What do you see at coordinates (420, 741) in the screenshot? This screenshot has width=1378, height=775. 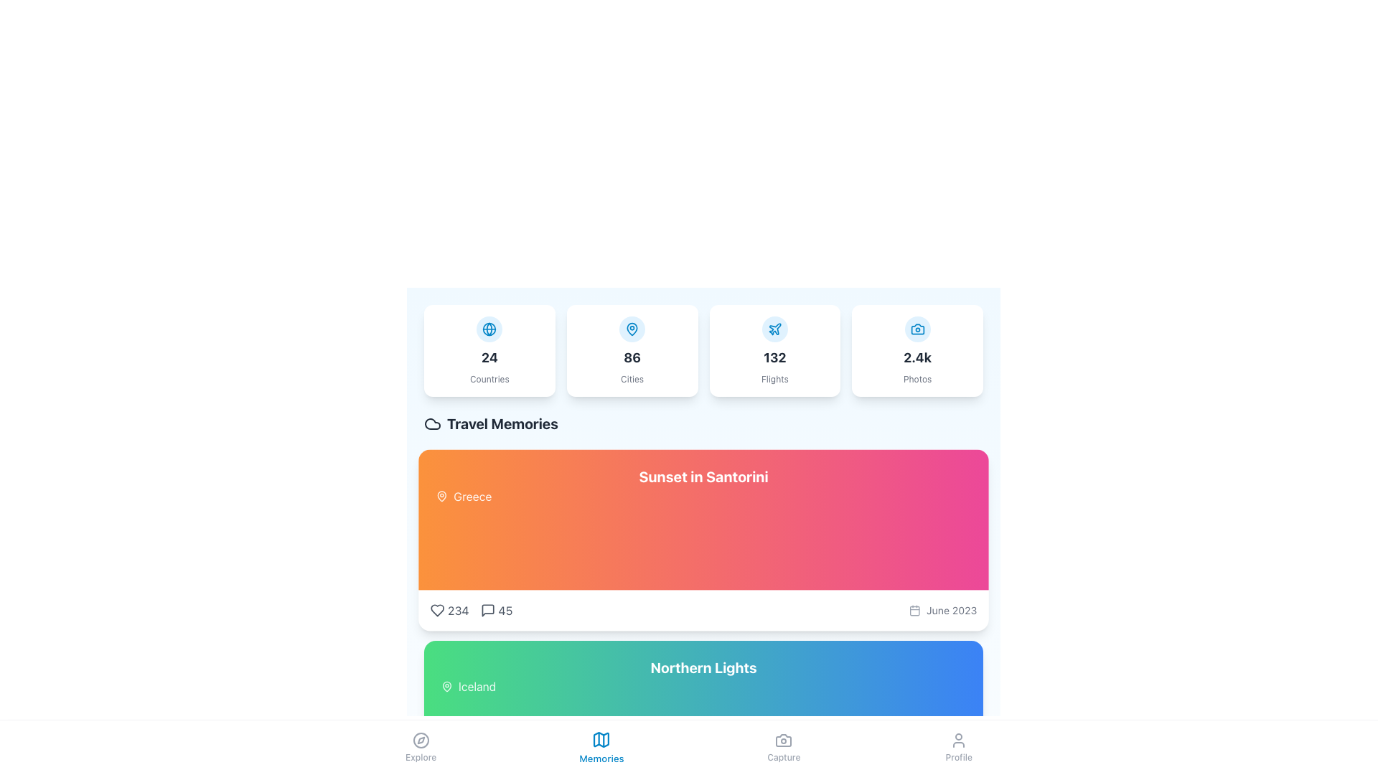 I see `the circular graphical element that is part of the Explore tab icon, located at the bottom left of the application's main interface, serving as a decorative component of the compass icon` at bounding box center [420, 741].